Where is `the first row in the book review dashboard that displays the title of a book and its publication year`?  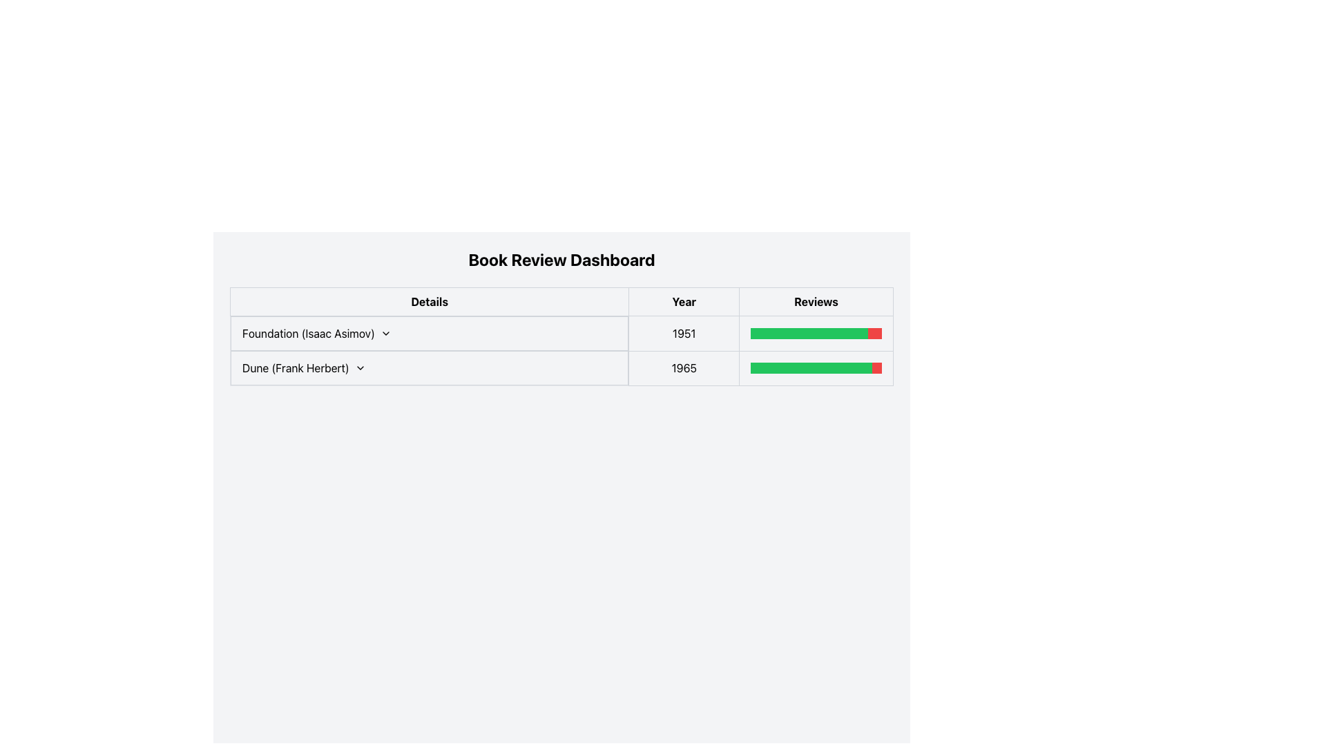
the first row in the book review dashboard that displays the title of a book and its publication year is located at coordinates (561, 333).